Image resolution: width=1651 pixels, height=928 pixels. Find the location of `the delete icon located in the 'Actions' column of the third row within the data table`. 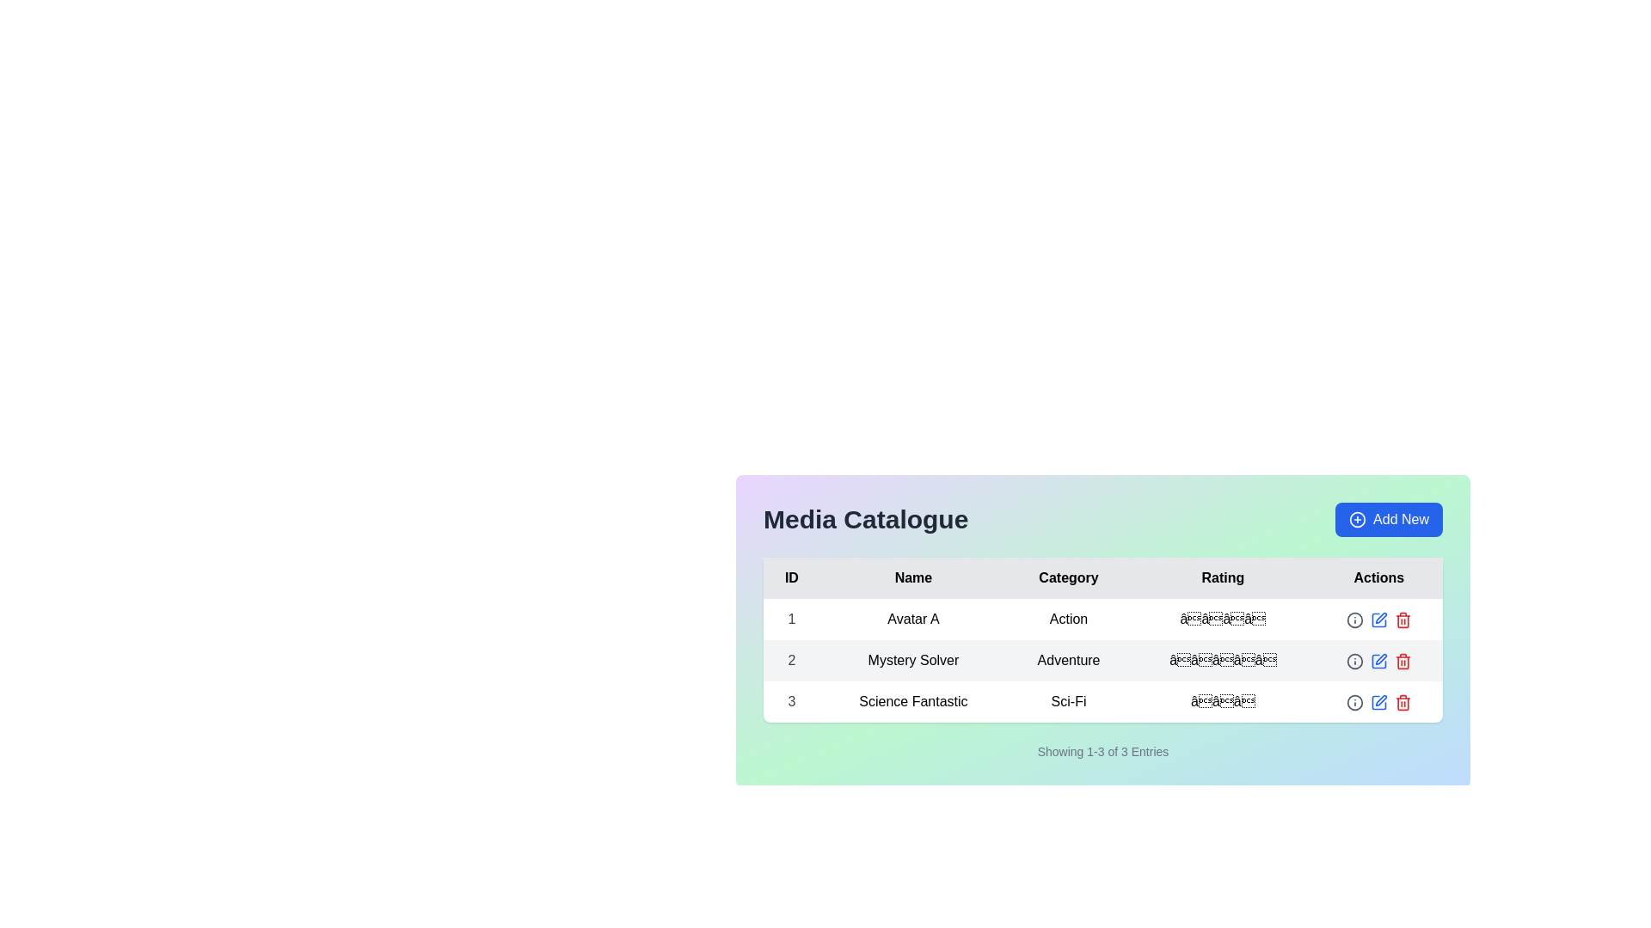

the delete icon located in the 'Actions' column of the third row within the data table is located at coordinates (1402, 702).